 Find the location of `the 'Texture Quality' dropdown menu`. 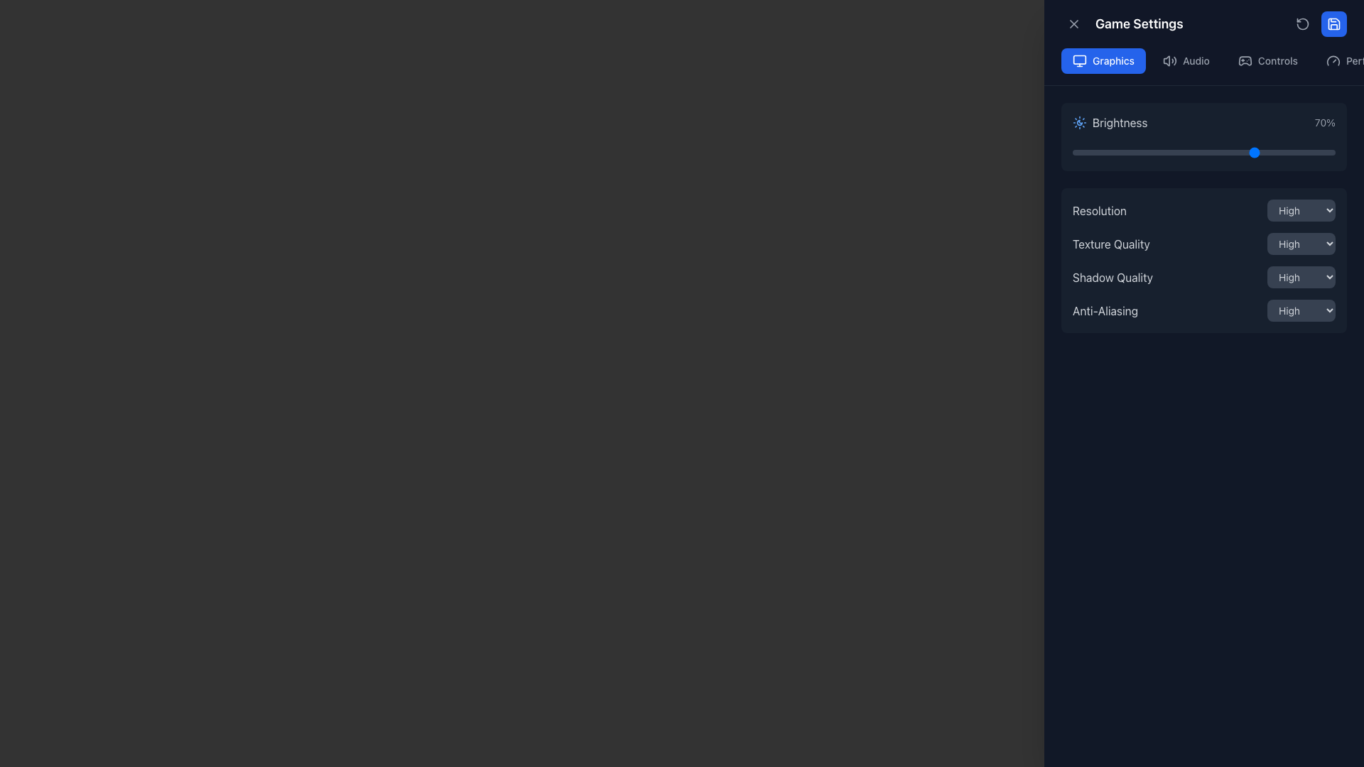

the 'Texture Quality' dropdown menu is located at coordinates (1301, 243).